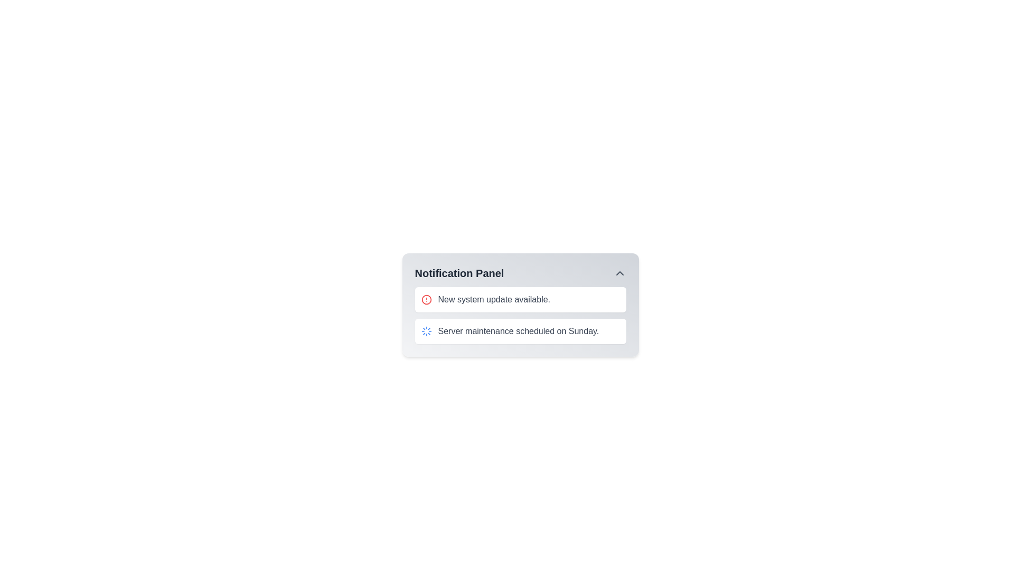 The image size is (1014, 570). I want to click on the alert icon indicating a notification for 'New system update available.', so click(426, 299).